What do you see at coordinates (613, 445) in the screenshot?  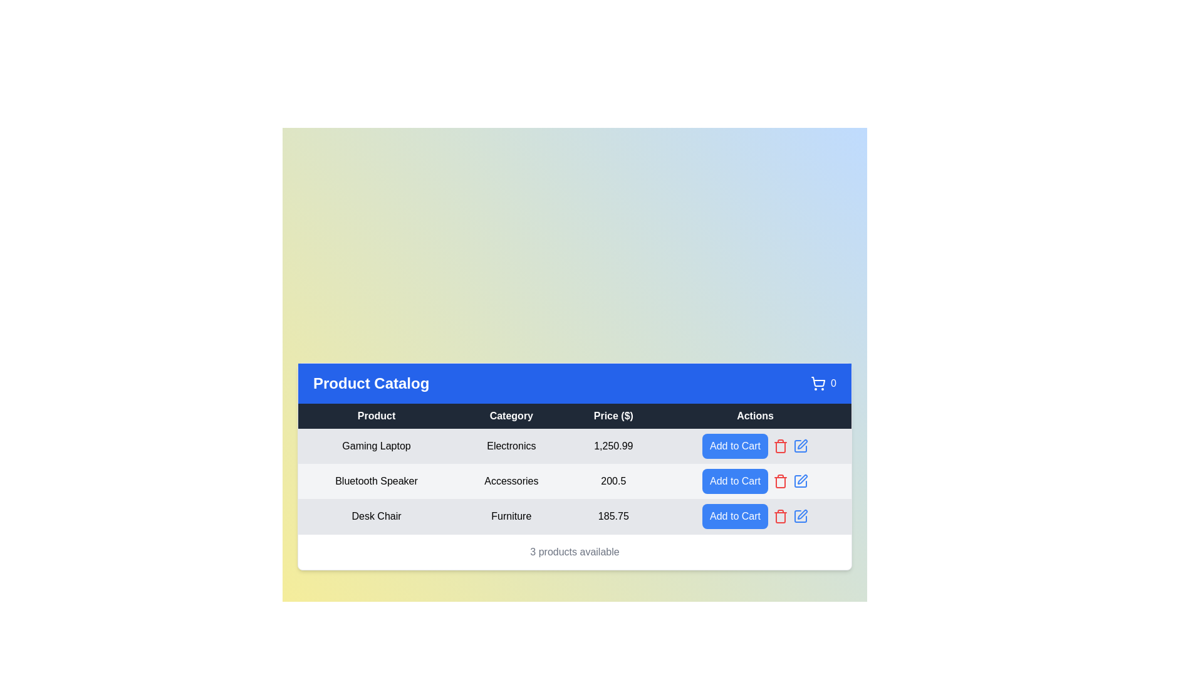 I see `the non-interactive Text Display element that shows the price of the 'Gaming Laptop', positioned in the third cell of the product details table` at bounding box center [613, 445].